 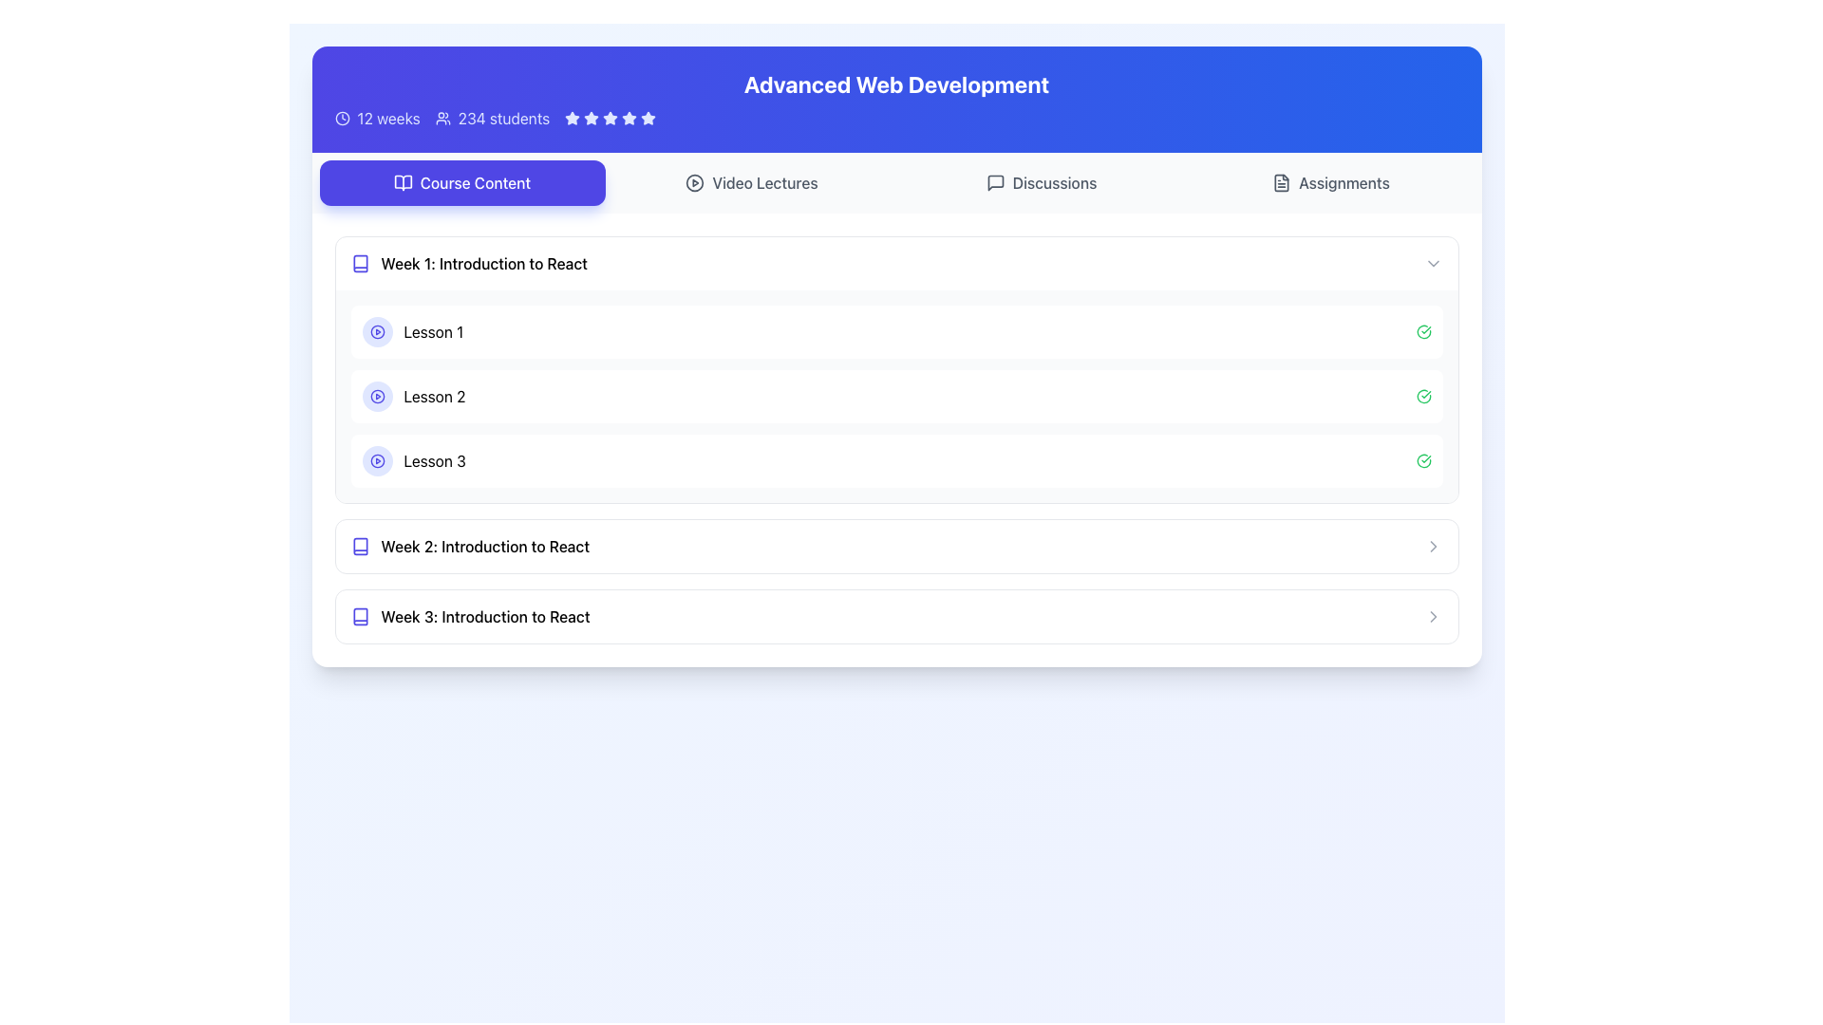 What do you see at coordinates (1423, 395) in the screenshot?
I see `the checkmark icon indicating the completion status of 'Lesson 2' in the 'Week 1: Introduction to React' section` at bounding box center [1423, 395].